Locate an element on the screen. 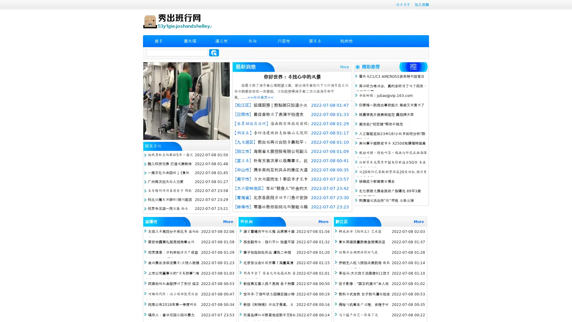  Search is located at coordinates (214, 52).